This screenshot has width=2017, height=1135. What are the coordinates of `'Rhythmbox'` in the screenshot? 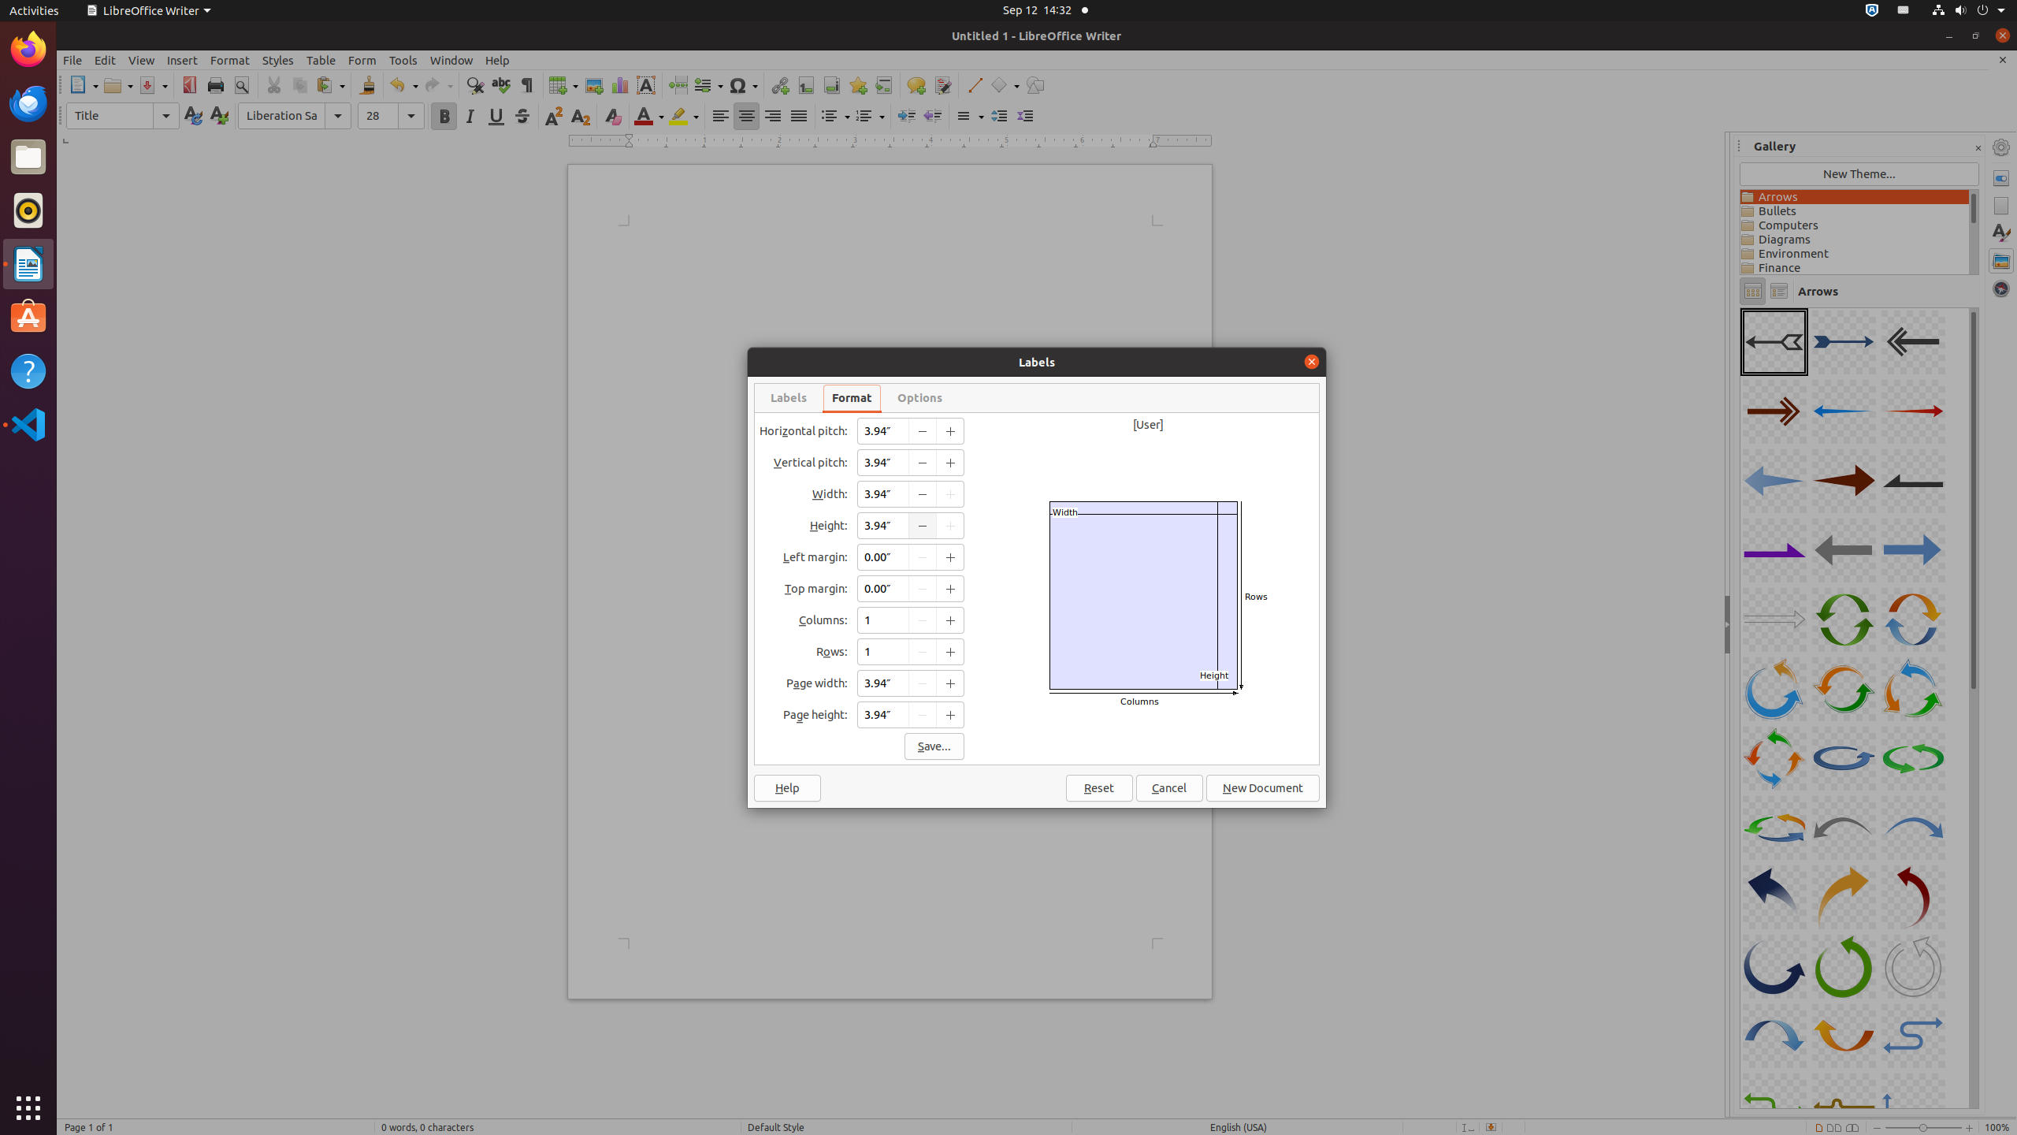 It's located at (28, 209).